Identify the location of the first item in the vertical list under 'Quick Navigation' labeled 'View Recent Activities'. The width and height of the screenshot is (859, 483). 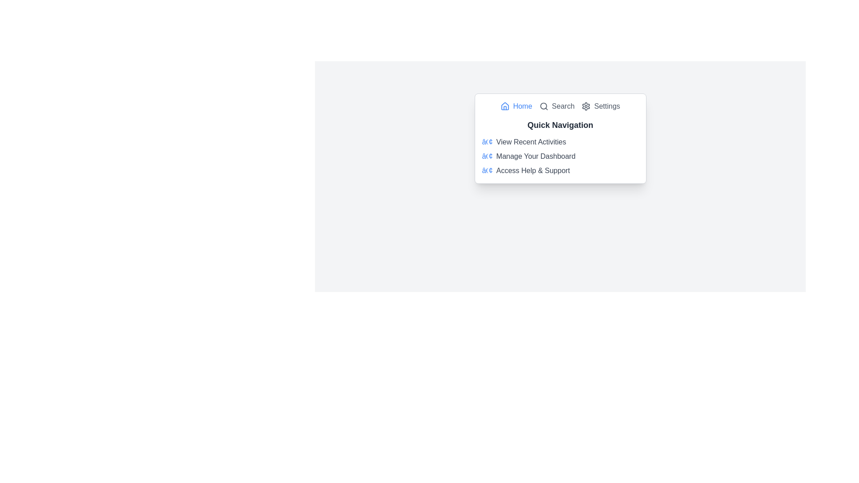
(560, 141).